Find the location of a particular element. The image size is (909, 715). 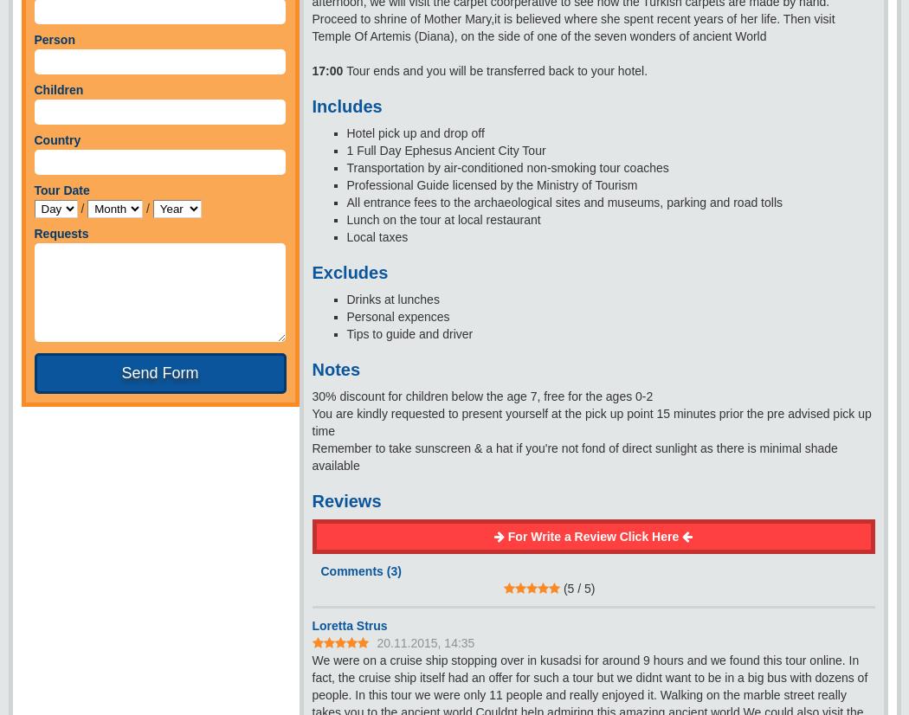

'Hotel pick up and drop off' is located at coordinates (346, 132).